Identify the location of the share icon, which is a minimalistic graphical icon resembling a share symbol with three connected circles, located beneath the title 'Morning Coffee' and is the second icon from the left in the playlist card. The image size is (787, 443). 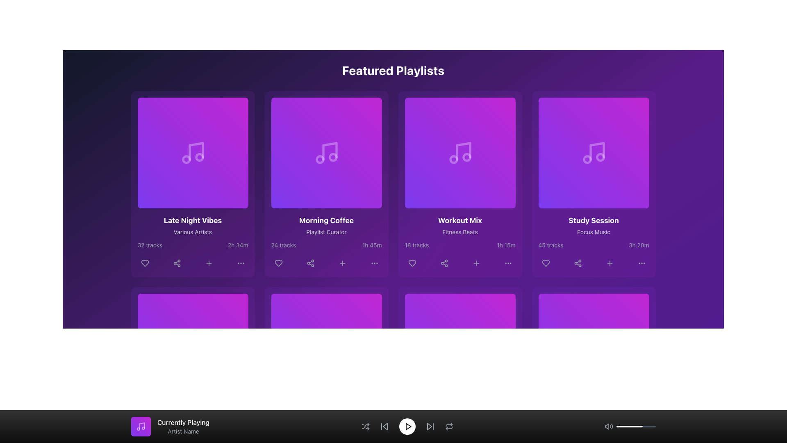
(310, 263).